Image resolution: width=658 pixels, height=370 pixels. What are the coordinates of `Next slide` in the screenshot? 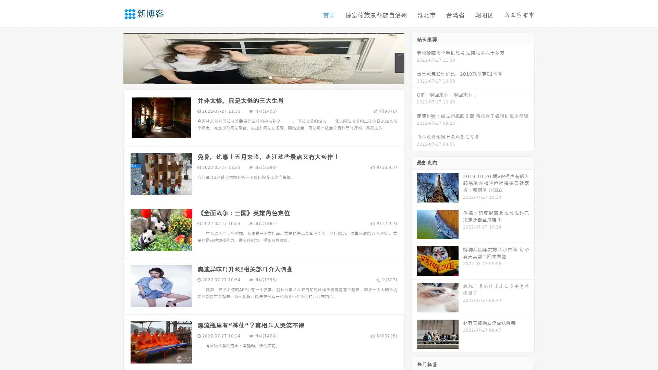 It's located at (414, 58).